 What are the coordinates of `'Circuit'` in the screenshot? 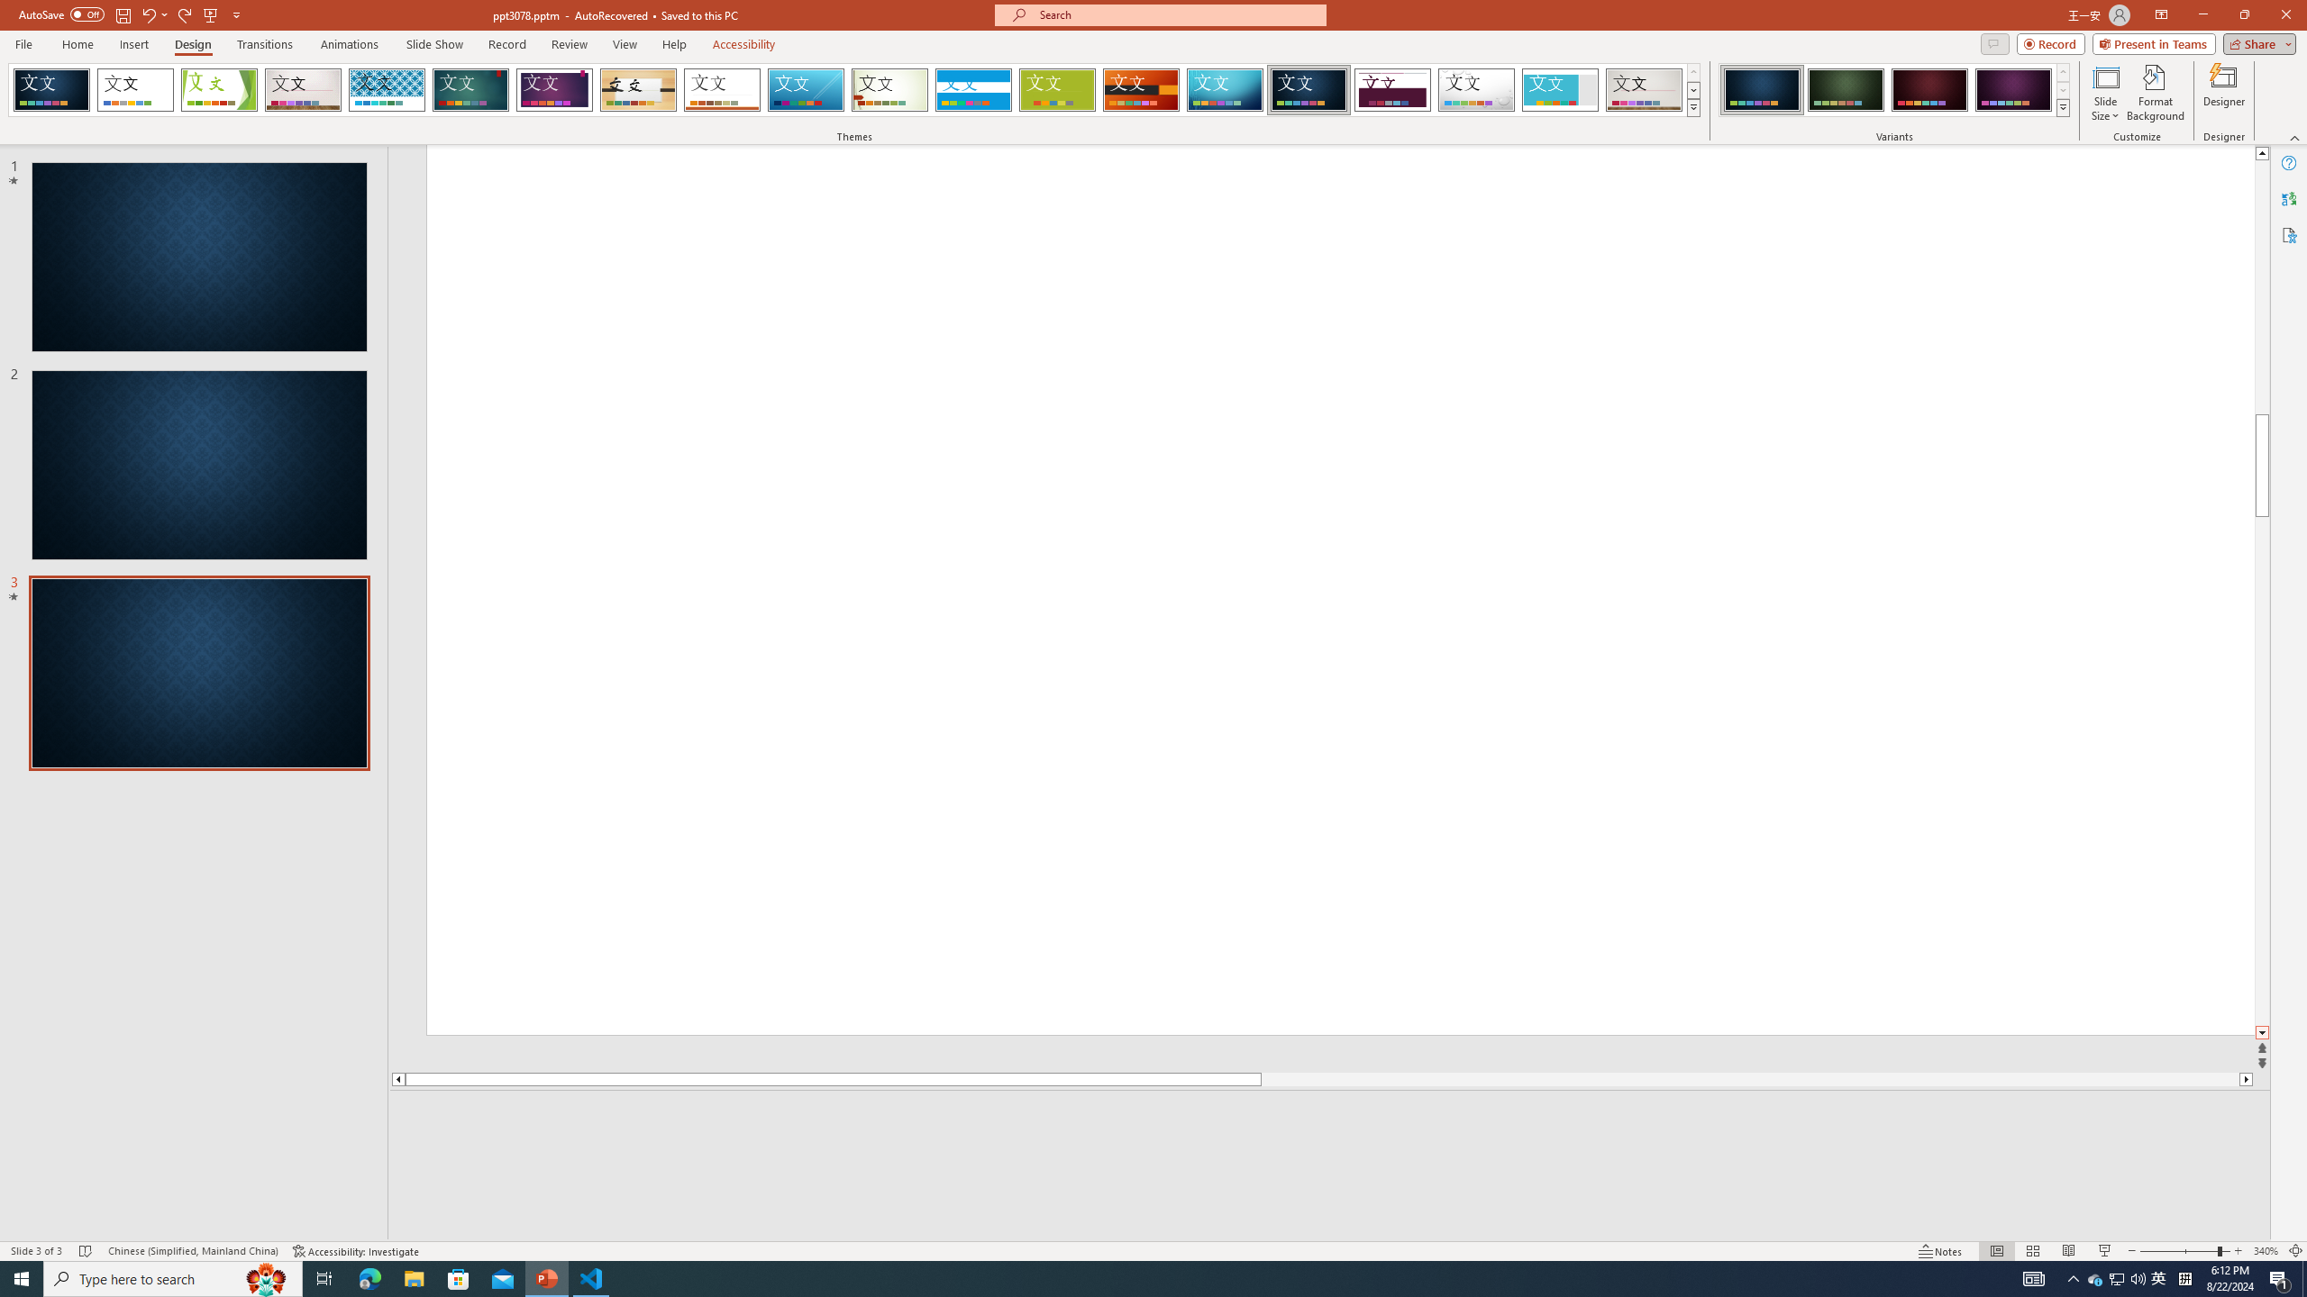 It's located at (1224, 89).